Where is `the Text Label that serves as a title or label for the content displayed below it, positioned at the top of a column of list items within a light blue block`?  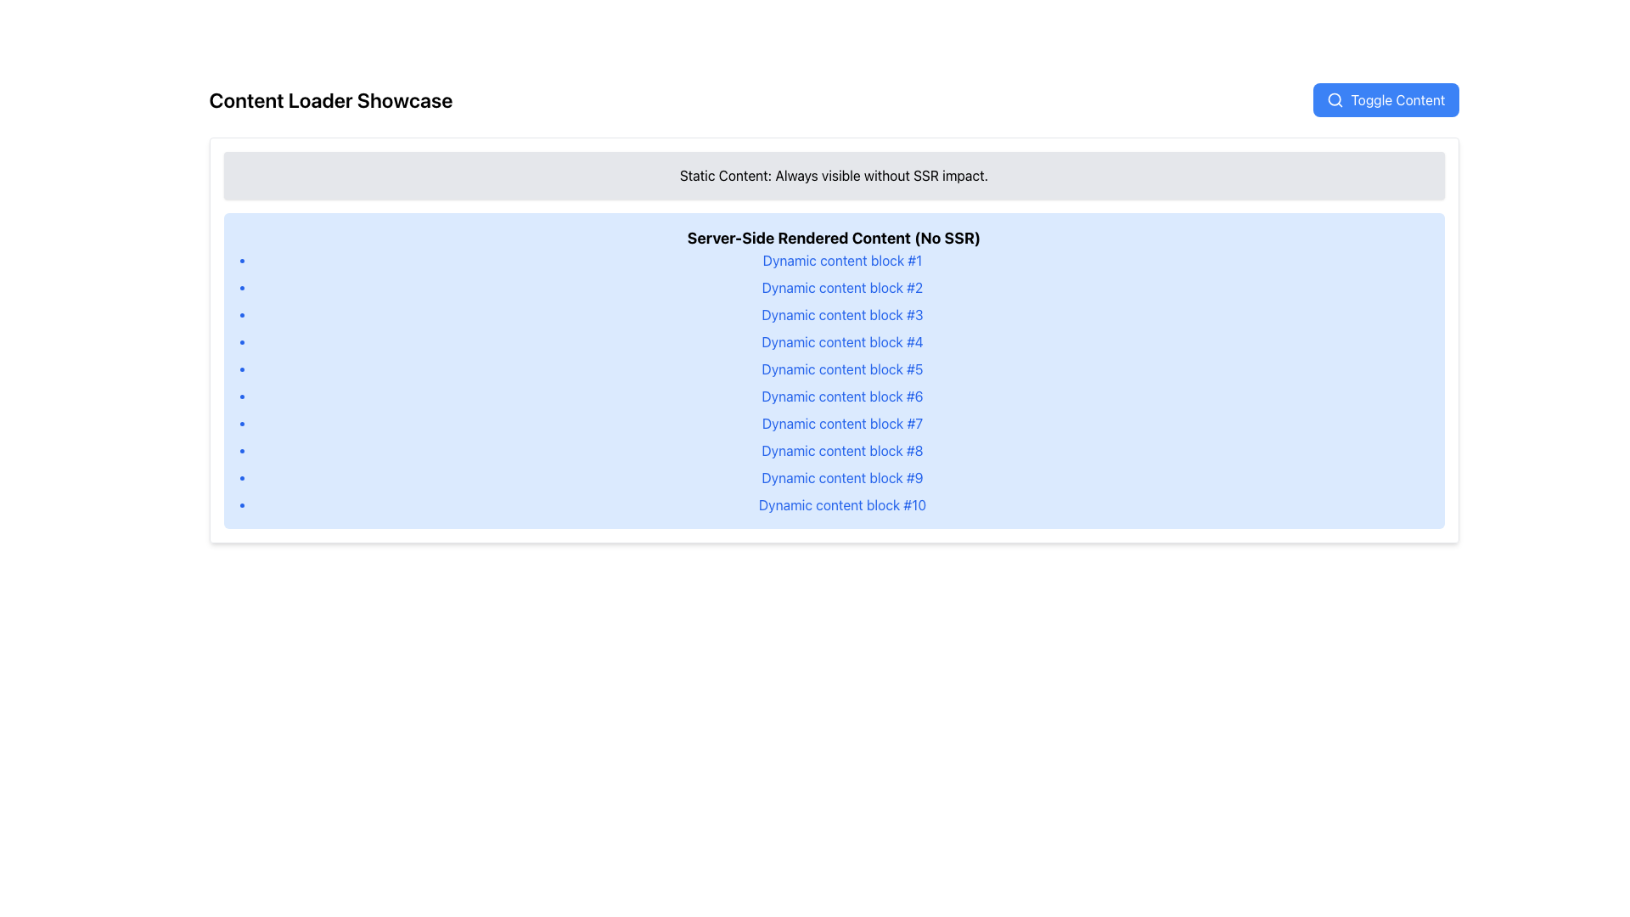
the Text Label that serves as a title or label for the content displayed below it, positioned at the top of a column of list items within a light blue block is located at coordinates (834, 239).